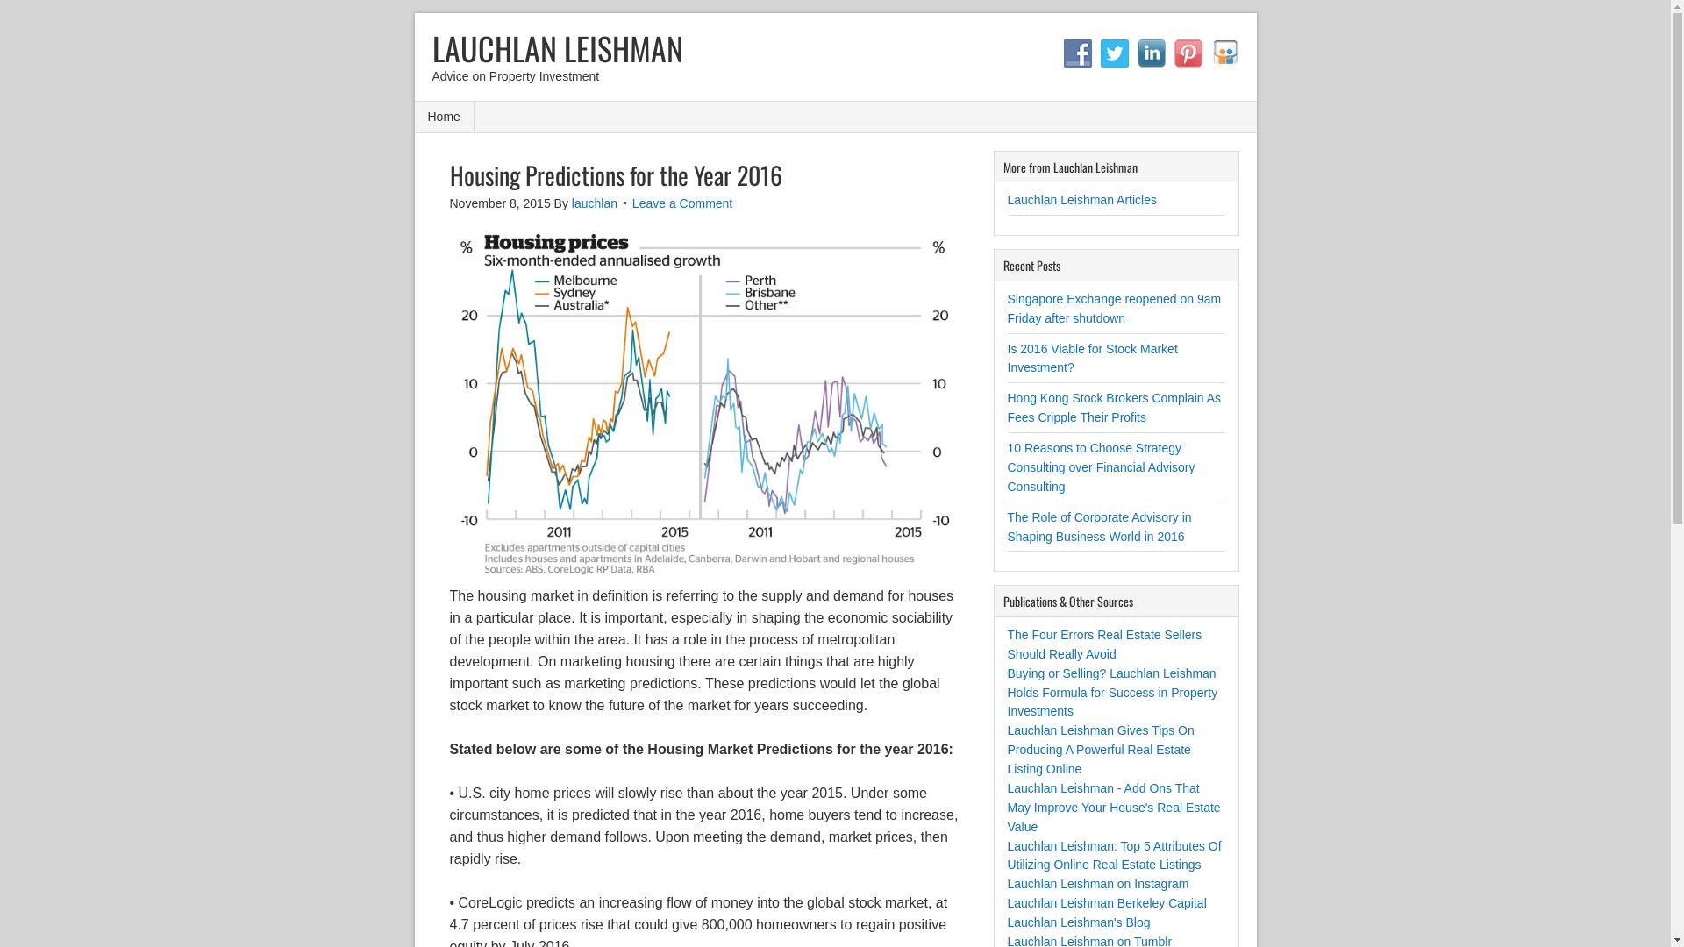 The height and width of the screenshot is (947, 1684). What do you see at coordinates (1150, 53) in the screenshot?
I see `'Lauchlan Leishman LinkedIn'` at bounding box center [1150, 53].